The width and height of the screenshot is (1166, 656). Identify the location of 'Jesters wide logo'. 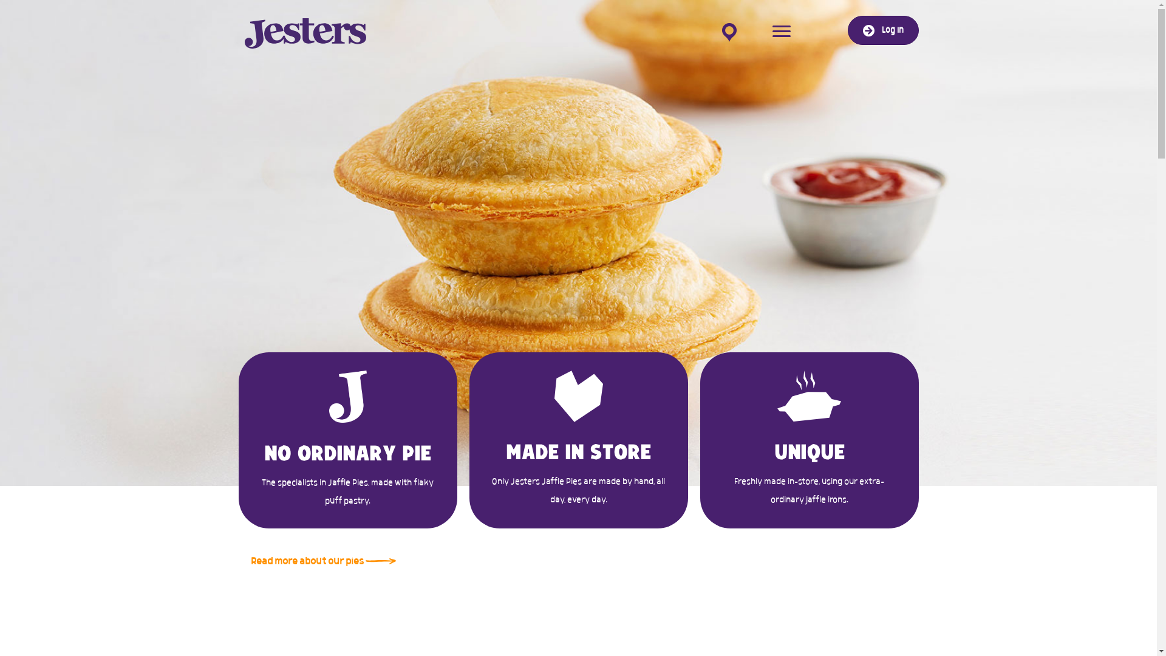
(305, 32).